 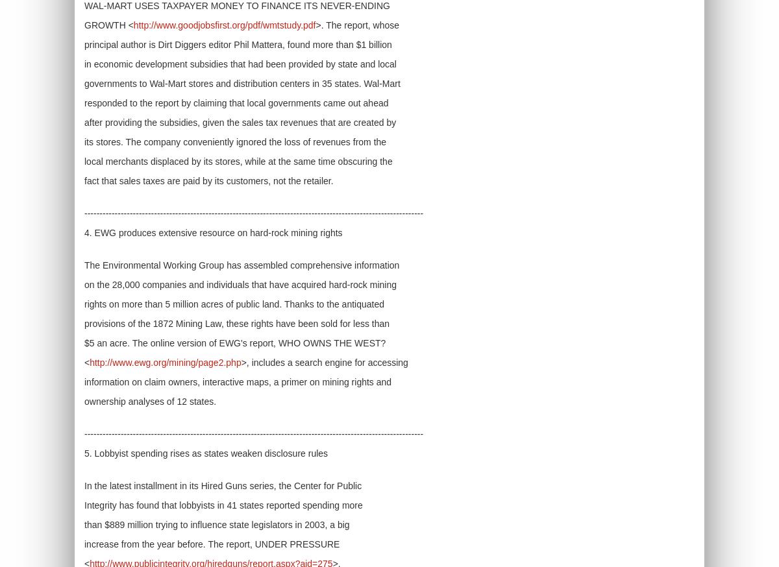 I want to click on 'its stores. The company conveniently ignored the loss of revenues from the', so click(x=235, y=141).